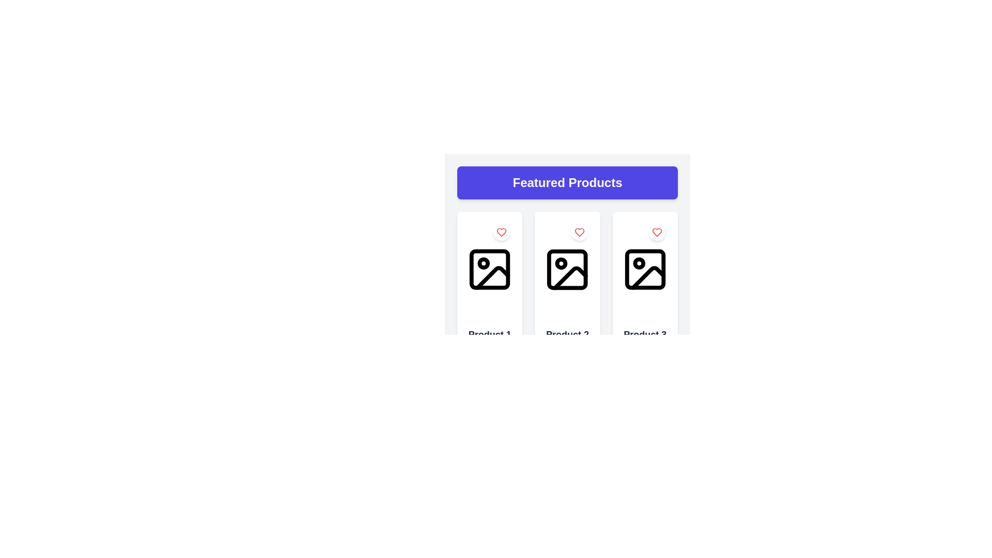 The height and width of the screenshot is (558, 992). What do you see at coordinates (657, 233) in the screenshot?
I see `the heart icon located above the image of the third product card in the featured products section to mark it as favorite` at bounding box center [657, 233].